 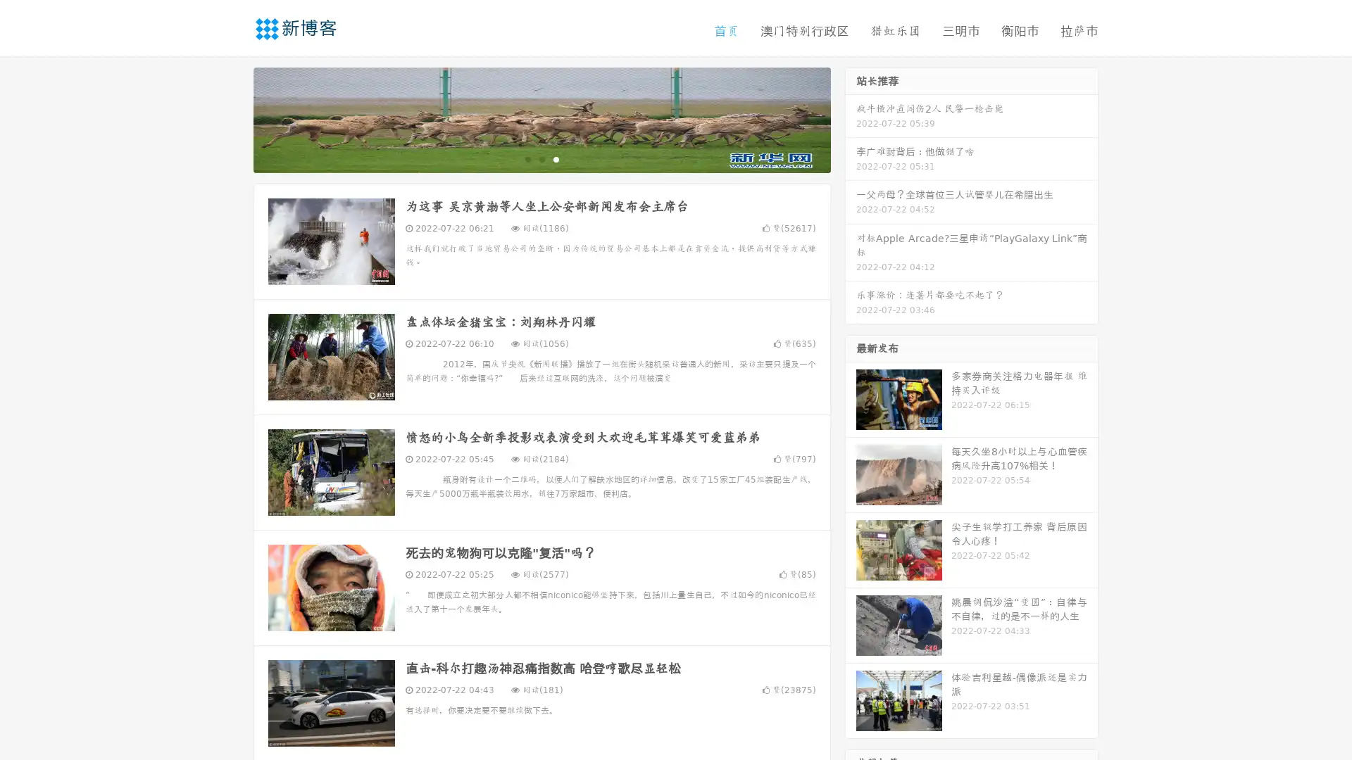 I want to click on Go to slide 2, so click(x=541, y=158).